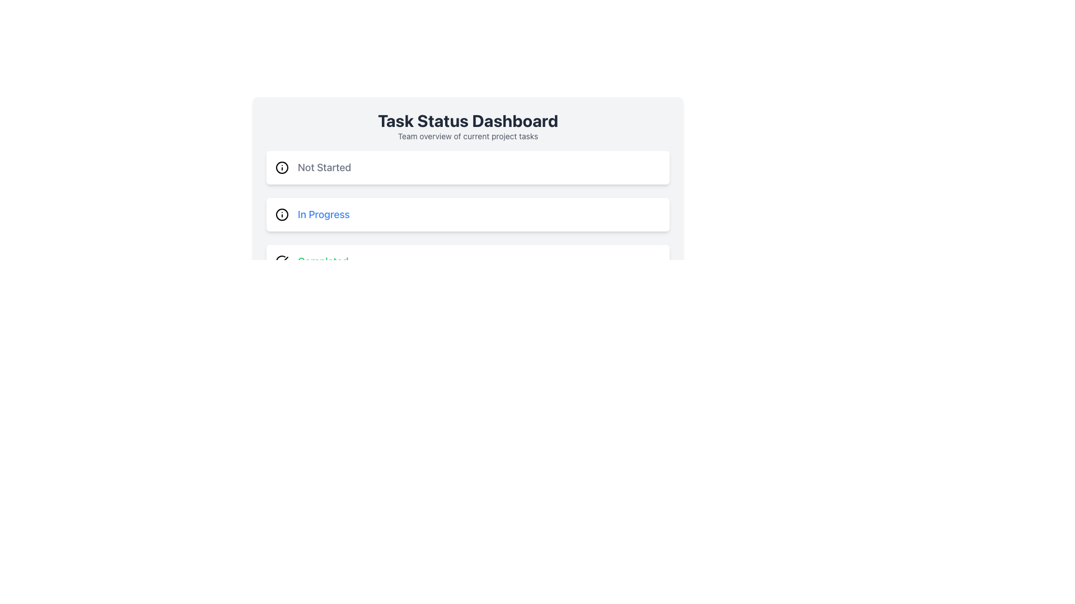  What do you see at coordinates (468, 172) in the screenshot?
I see `the first list item in the 'Task Status Dashboard' representing the 'Not Started' status` at bounding box center [468, 172].